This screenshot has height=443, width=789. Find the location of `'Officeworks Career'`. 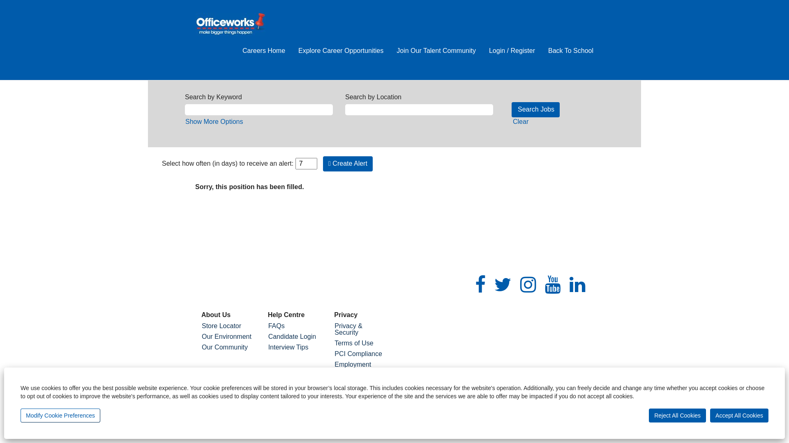

'Officeworks Career' is located at coordinates (230, 24).